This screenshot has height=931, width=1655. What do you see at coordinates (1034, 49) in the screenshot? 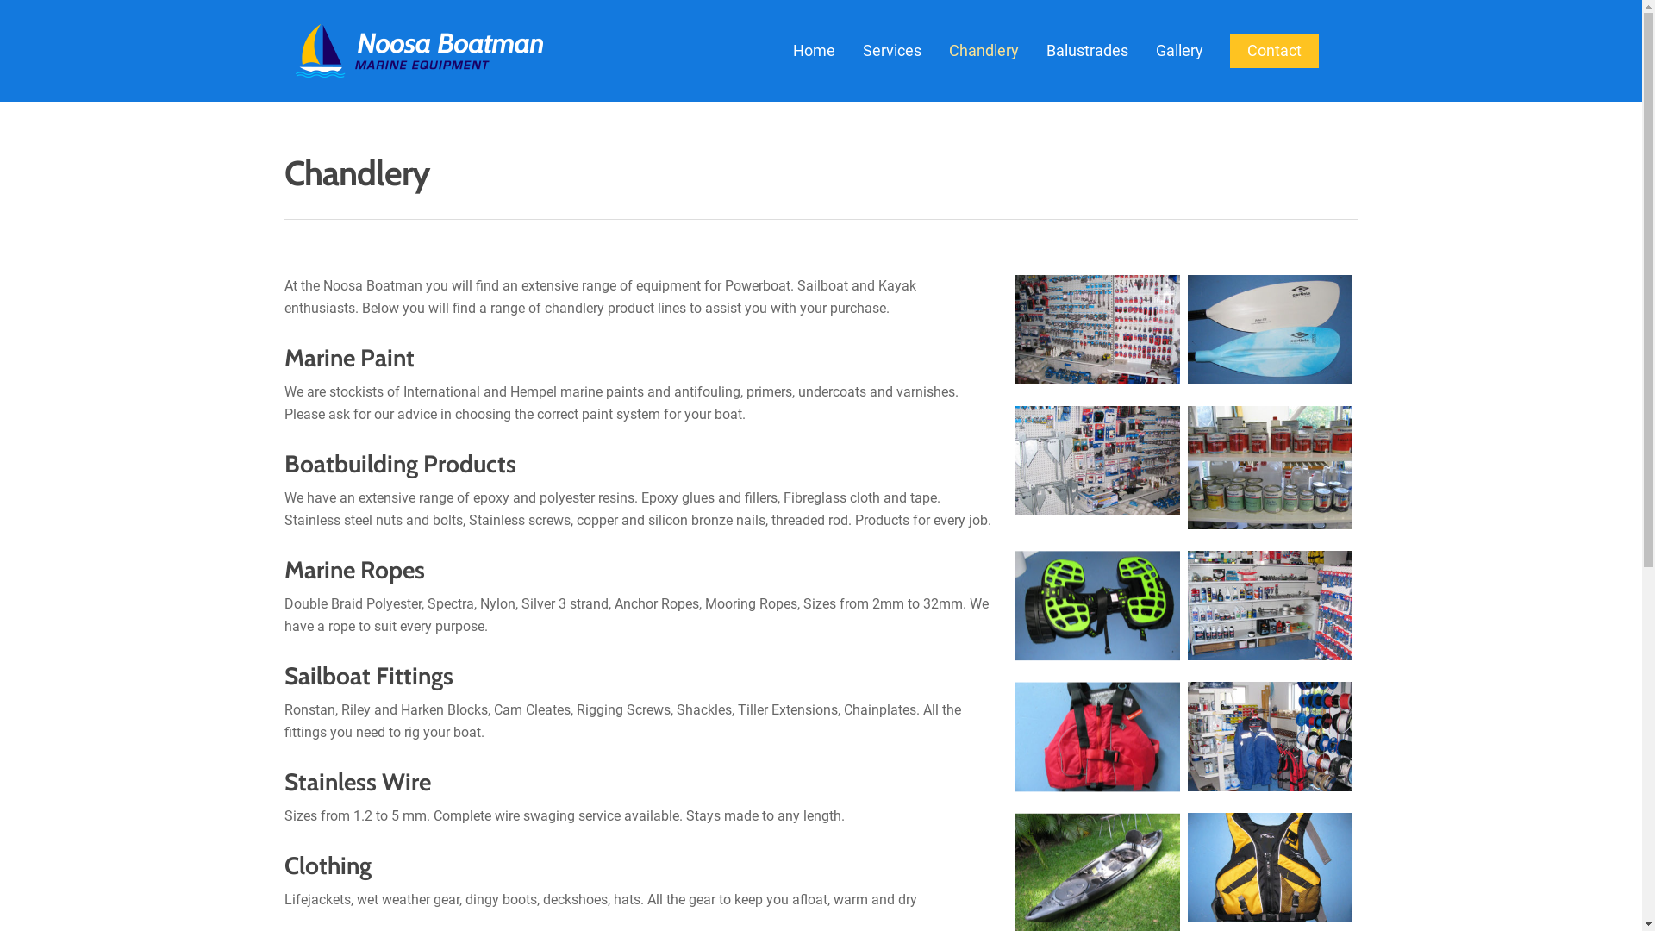
I see `'Balustrades'` at bounding box center [1034, 49].